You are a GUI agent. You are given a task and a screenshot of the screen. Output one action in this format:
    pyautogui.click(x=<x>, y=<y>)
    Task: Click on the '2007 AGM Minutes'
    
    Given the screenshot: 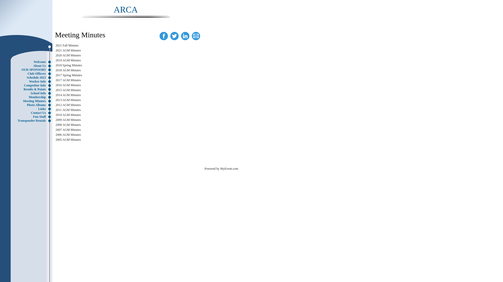 What is the action you would take?
    pyautogui.click(x=55, y=130)
    